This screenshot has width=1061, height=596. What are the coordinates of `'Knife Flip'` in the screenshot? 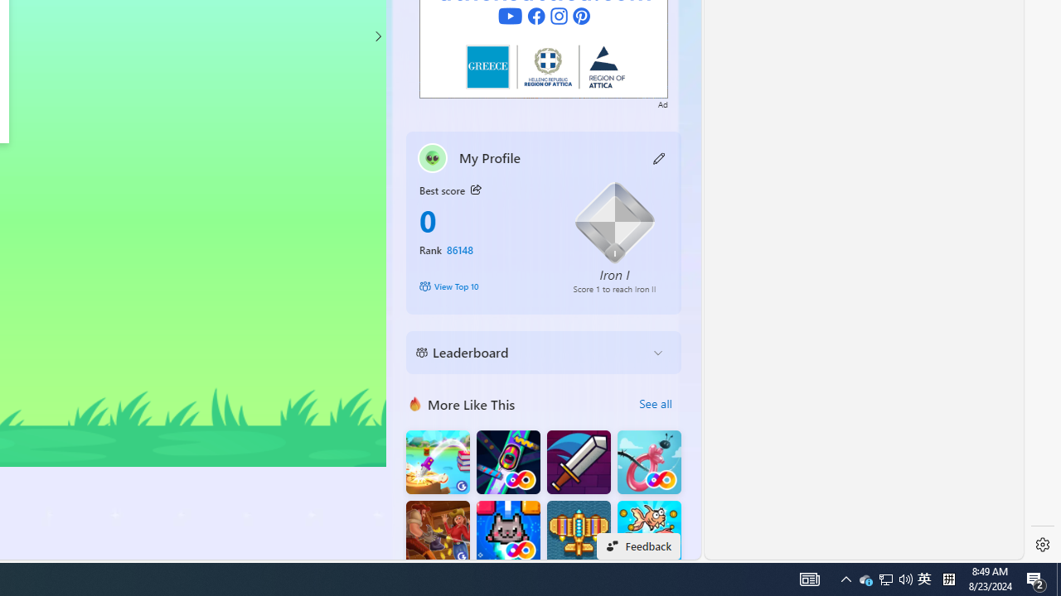 It's located at (438, 462).